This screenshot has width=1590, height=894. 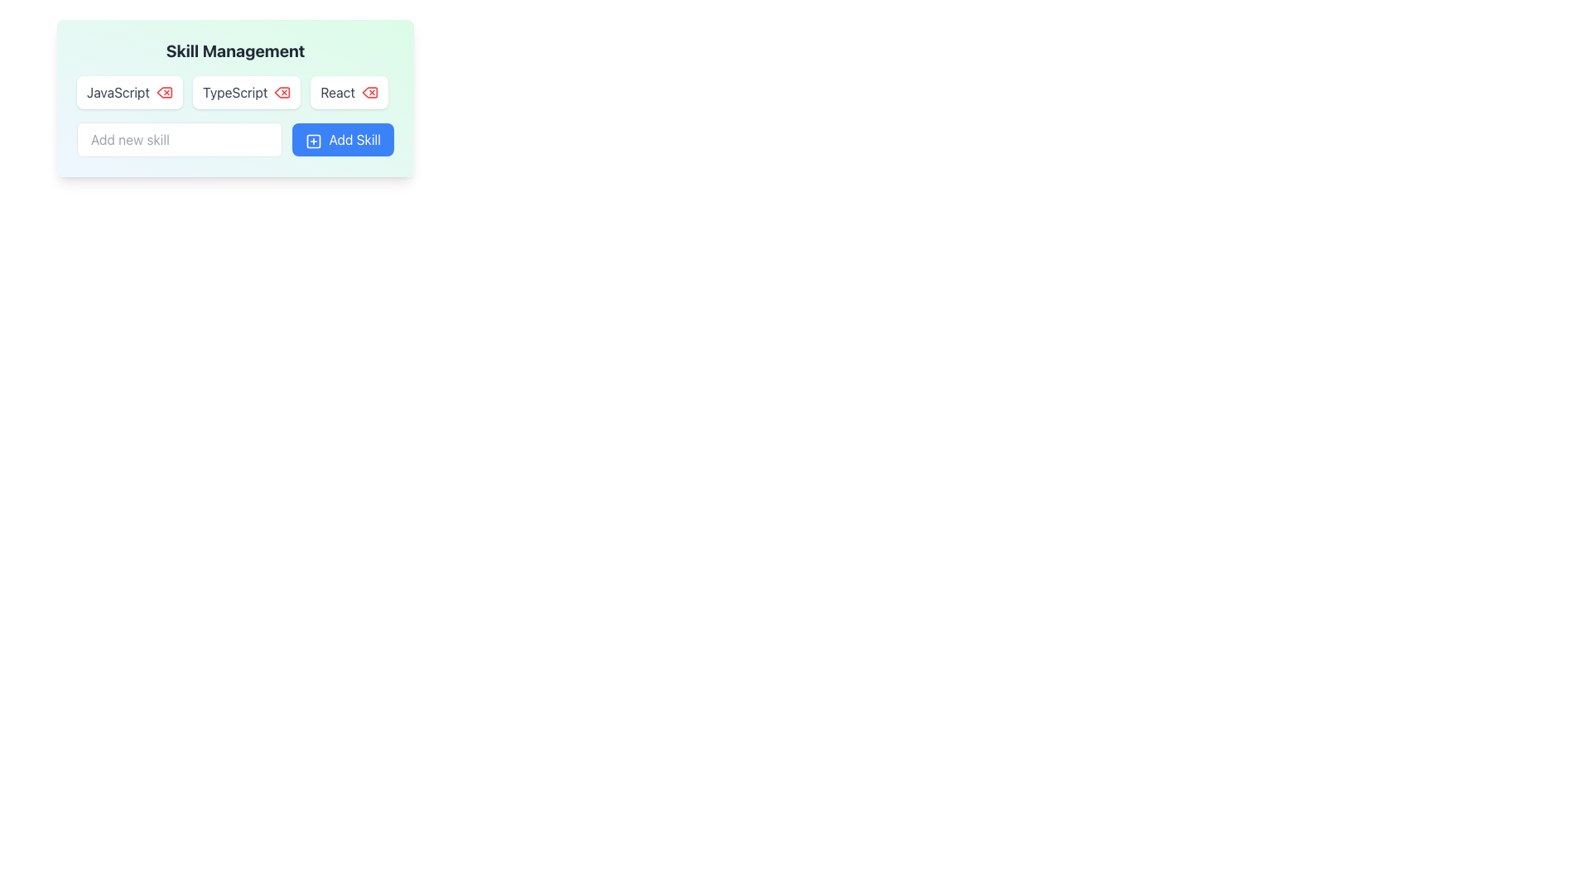 What do you see at coordinates (314, 140) in the screenshot?
I see `the 'add' icon located inside the 'Add Skill' button, positioned to the left of the text label` at bounding box center [314, 140].